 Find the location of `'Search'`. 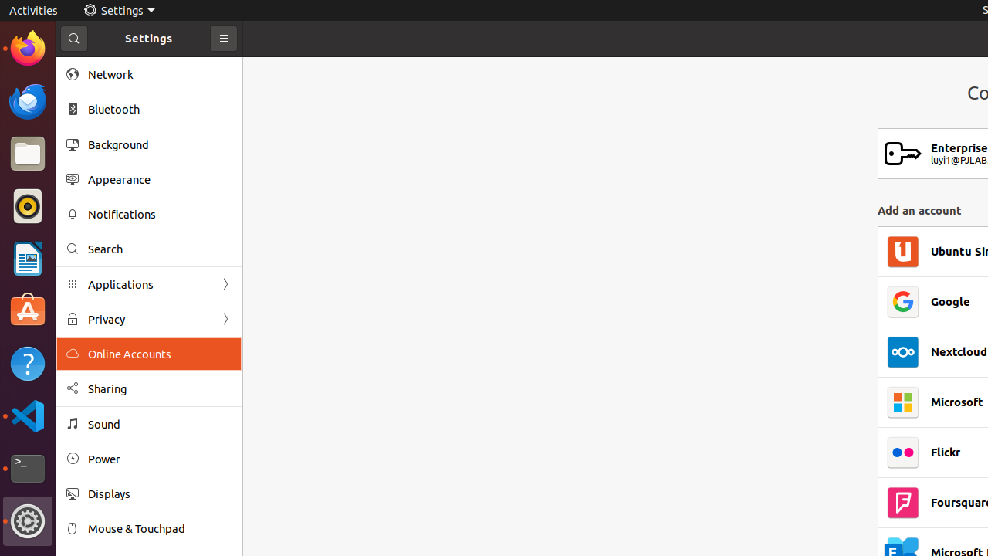

'Search' is located at coordinates (159, 248).